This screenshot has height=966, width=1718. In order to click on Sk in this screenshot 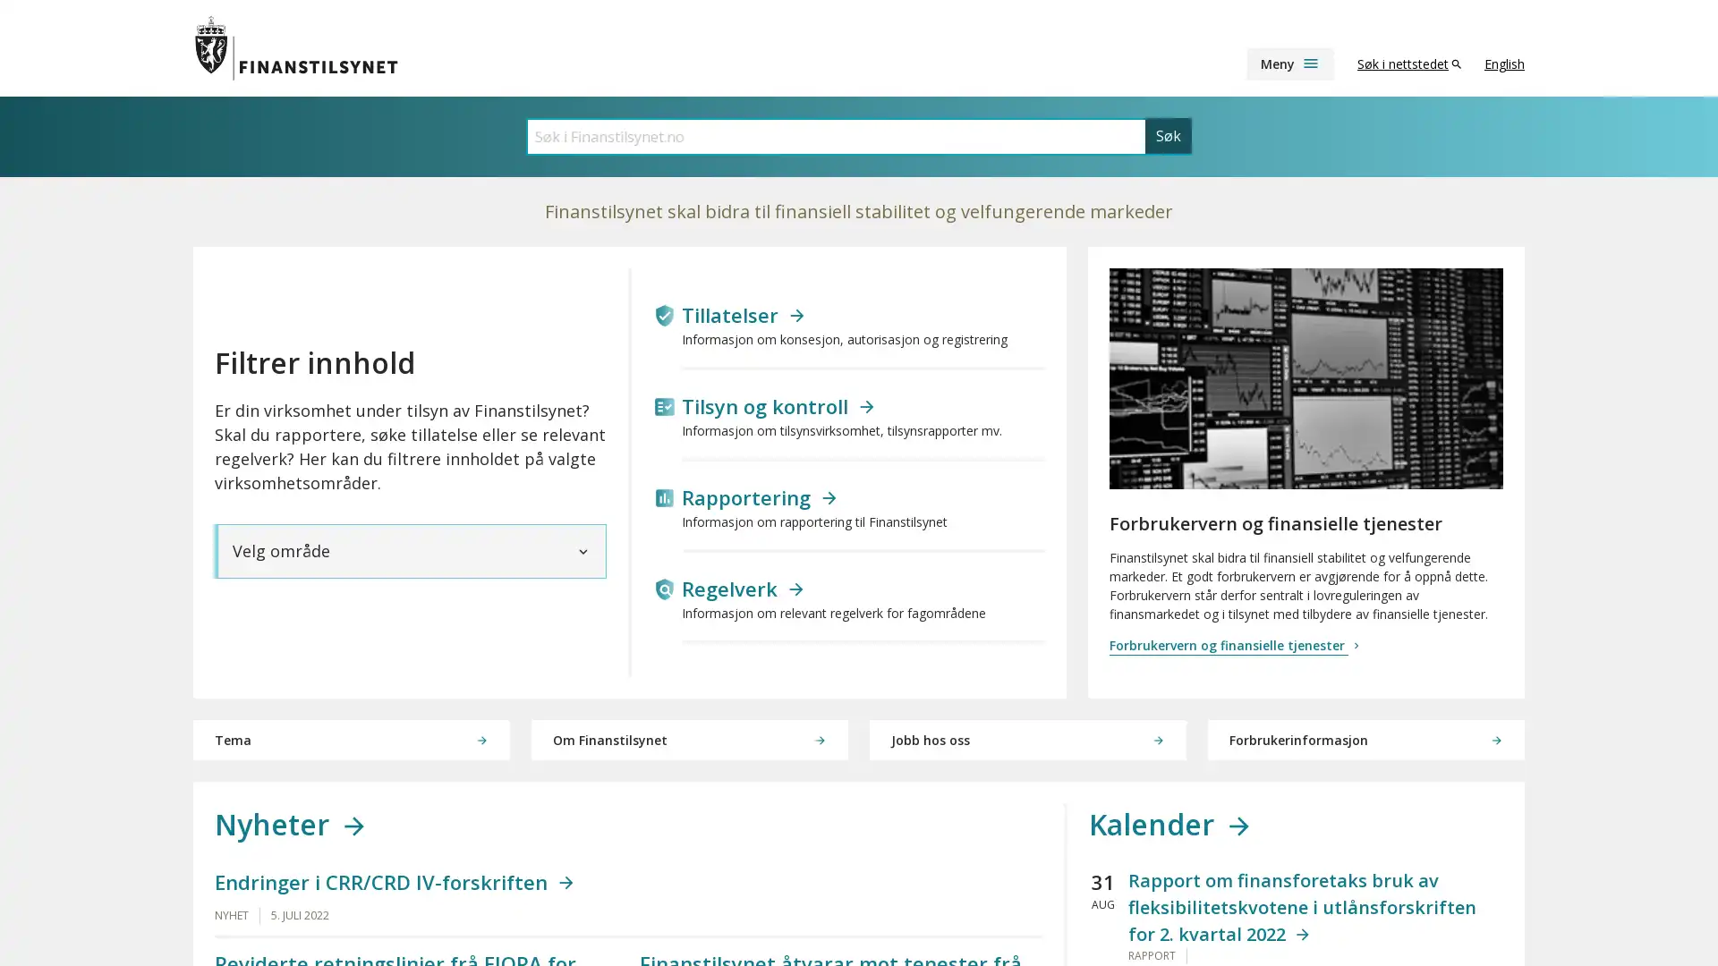, I will do `click(1168, 133)`.